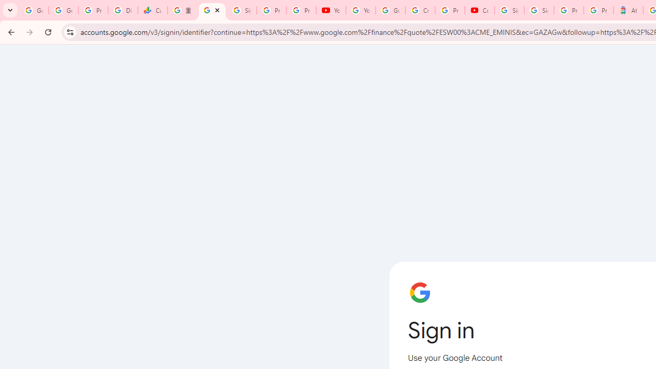 The image size is (656, 369). I want to click on 'Currencies - Google Finance', so click(152, 10).